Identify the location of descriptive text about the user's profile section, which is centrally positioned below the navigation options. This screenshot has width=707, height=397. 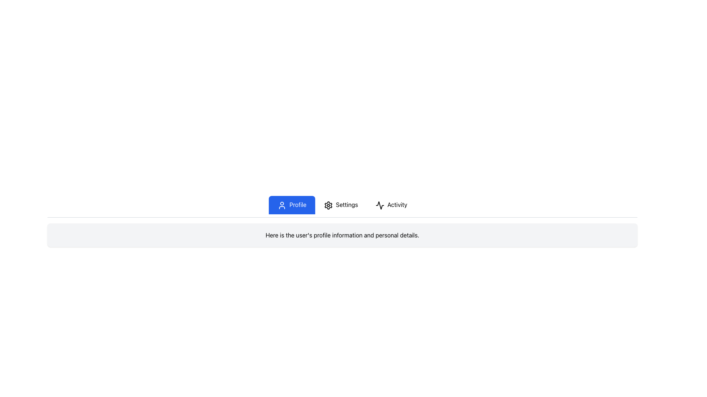
(342, 235).